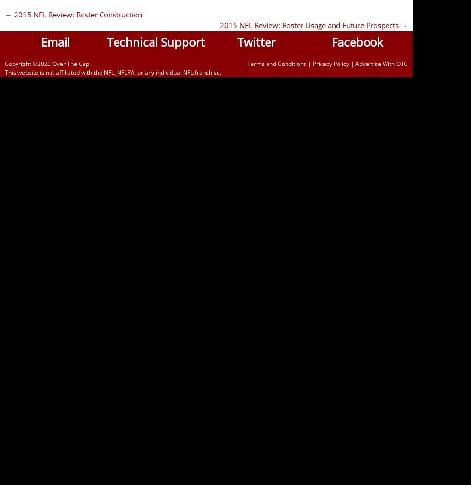 This screenshot has height=485, width=471. I want to click on 'Technical Support', so click(155, 41).